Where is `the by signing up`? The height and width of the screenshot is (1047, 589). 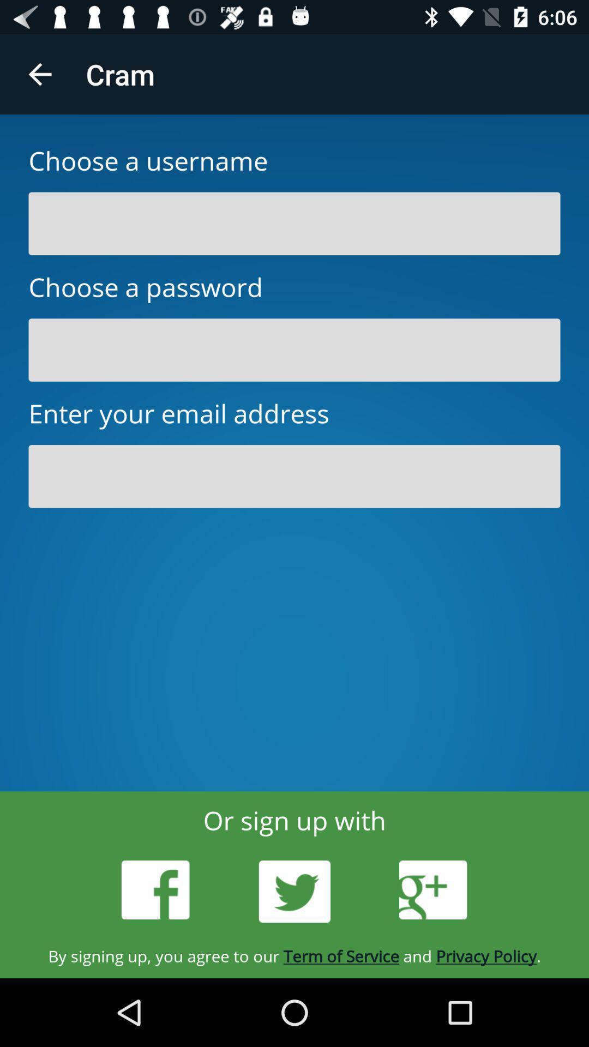 the by signing up is located at coordinates (294, 955).